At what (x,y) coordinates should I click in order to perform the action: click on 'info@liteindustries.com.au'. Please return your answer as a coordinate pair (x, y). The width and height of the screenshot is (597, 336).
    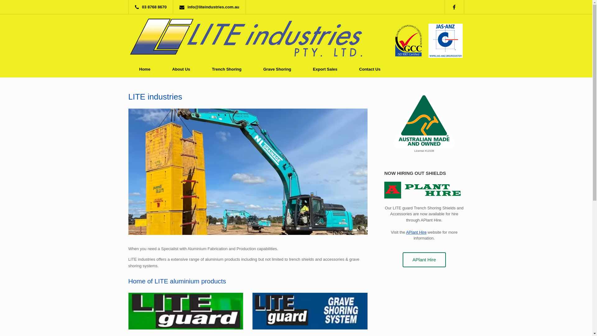
    Looking at the image, I should click on (211, 7).